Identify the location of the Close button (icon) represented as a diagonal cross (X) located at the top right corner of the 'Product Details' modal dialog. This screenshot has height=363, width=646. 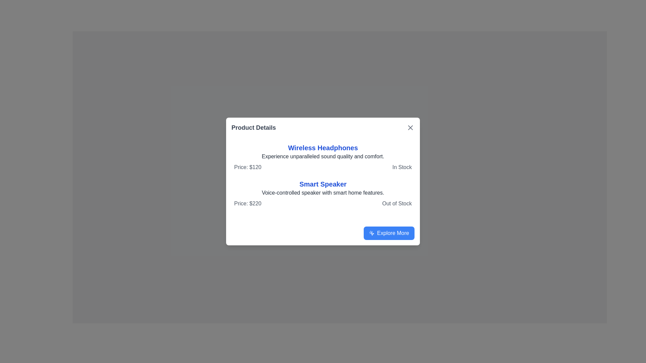
(410, 128).